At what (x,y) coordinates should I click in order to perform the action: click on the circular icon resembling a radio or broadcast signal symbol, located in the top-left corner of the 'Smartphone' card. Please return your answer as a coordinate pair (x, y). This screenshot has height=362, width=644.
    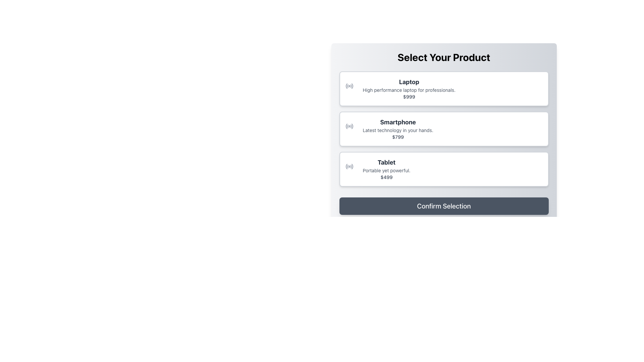
    Looking at the image, I should click on (352, 129).